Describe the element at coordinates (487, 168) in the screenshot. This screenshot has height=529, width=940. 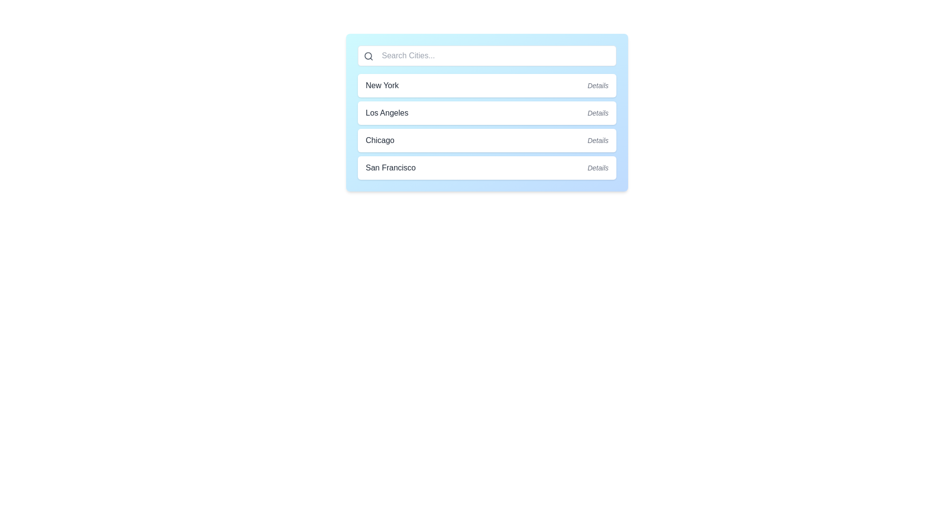
I see `the interactive list item for 'San Francisco'` at that location.